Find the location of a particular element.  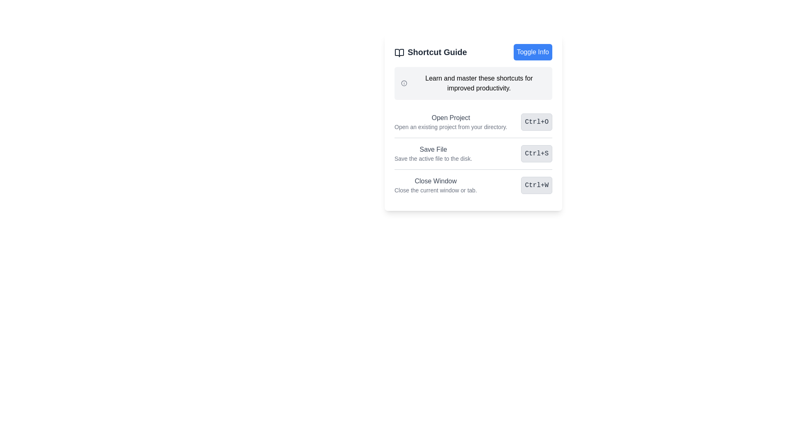

the central circle of the SVG icon located to the left of the 'Learn and master these shortcuts for improved productivity.' text in the Shortcut Guide interface is located at coordinates (404, 83).